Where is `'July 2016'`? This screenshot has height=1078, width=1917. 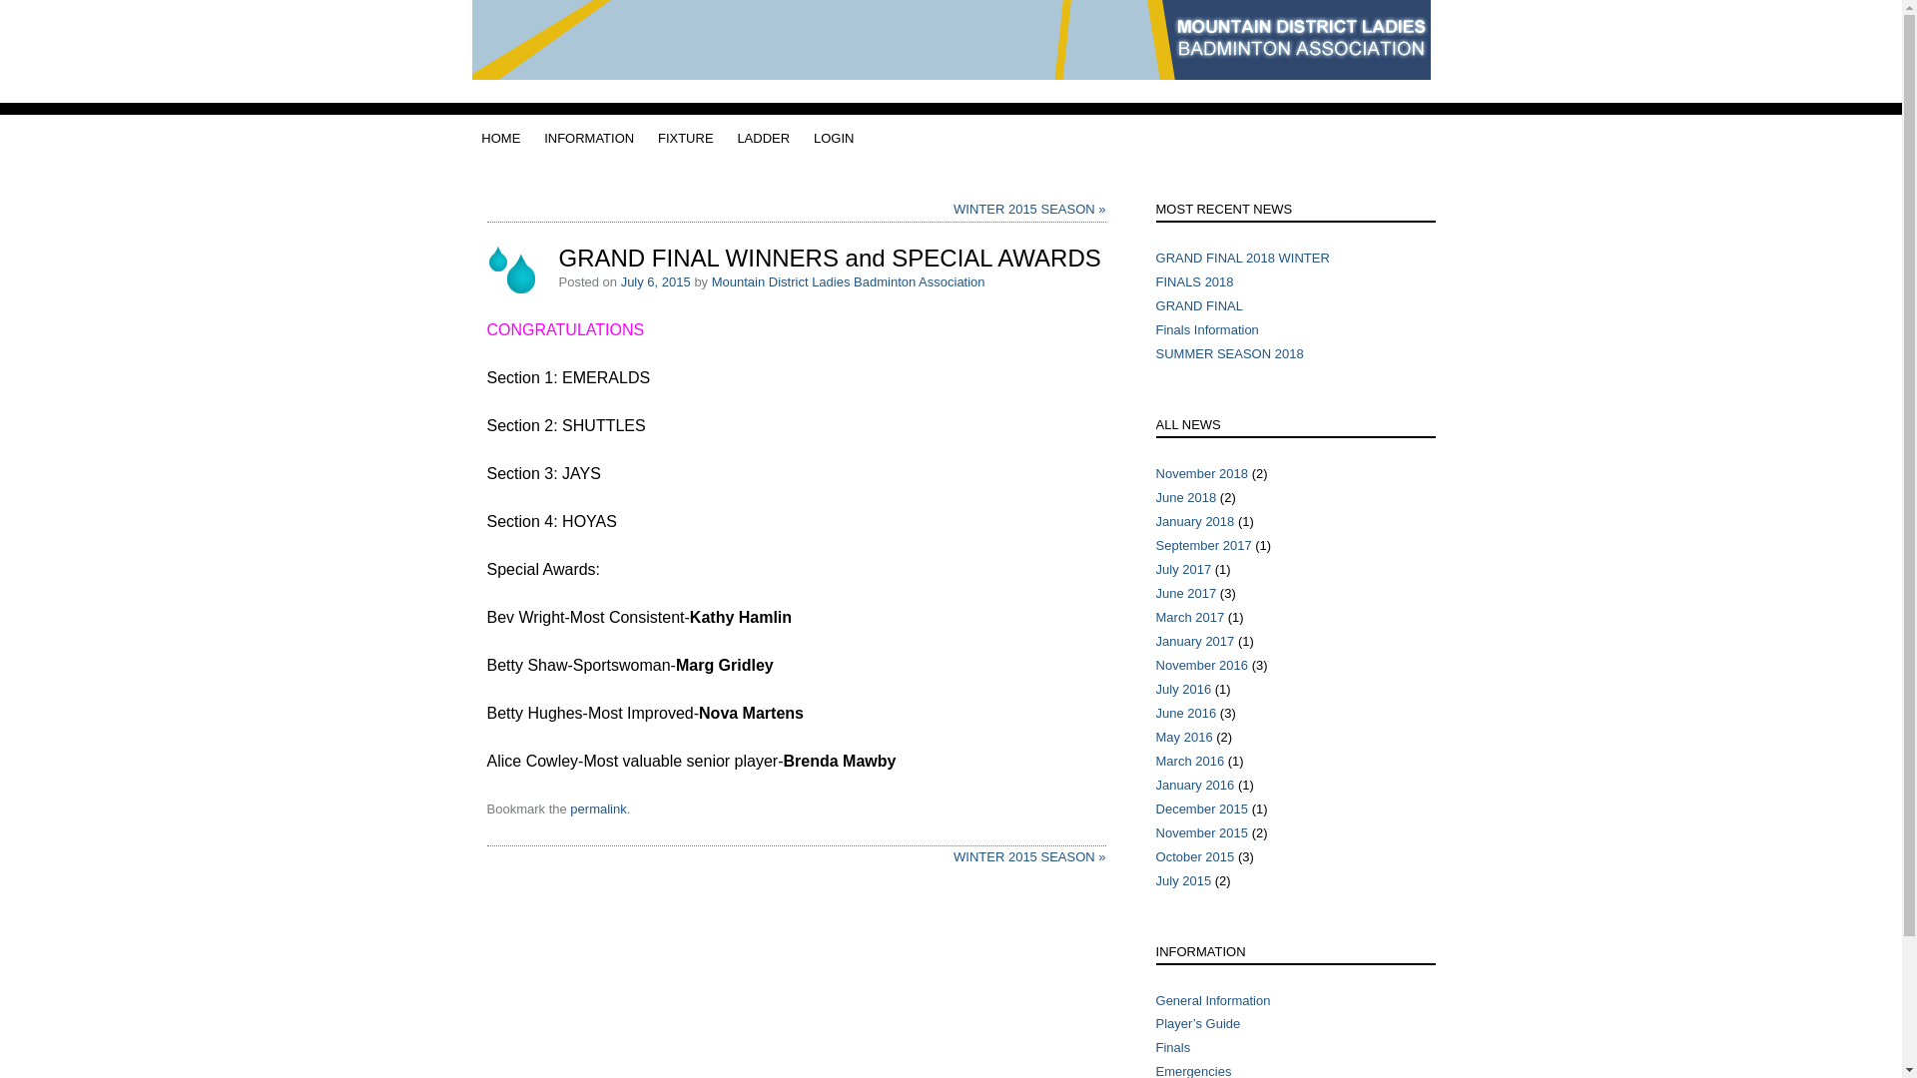
'July 2016' is located at coordinates (1155, 688).